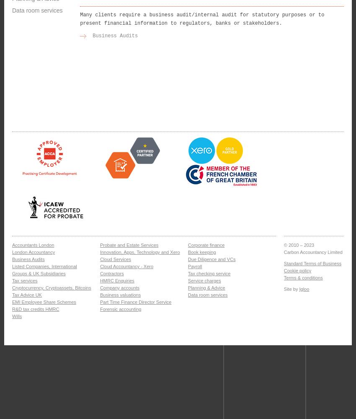 The height and width of the screenshot is (419, 356). Describe the element at coordinates (284, 252) in the screenshot. I see `'Carbon Accountancy Limited'` at that location.